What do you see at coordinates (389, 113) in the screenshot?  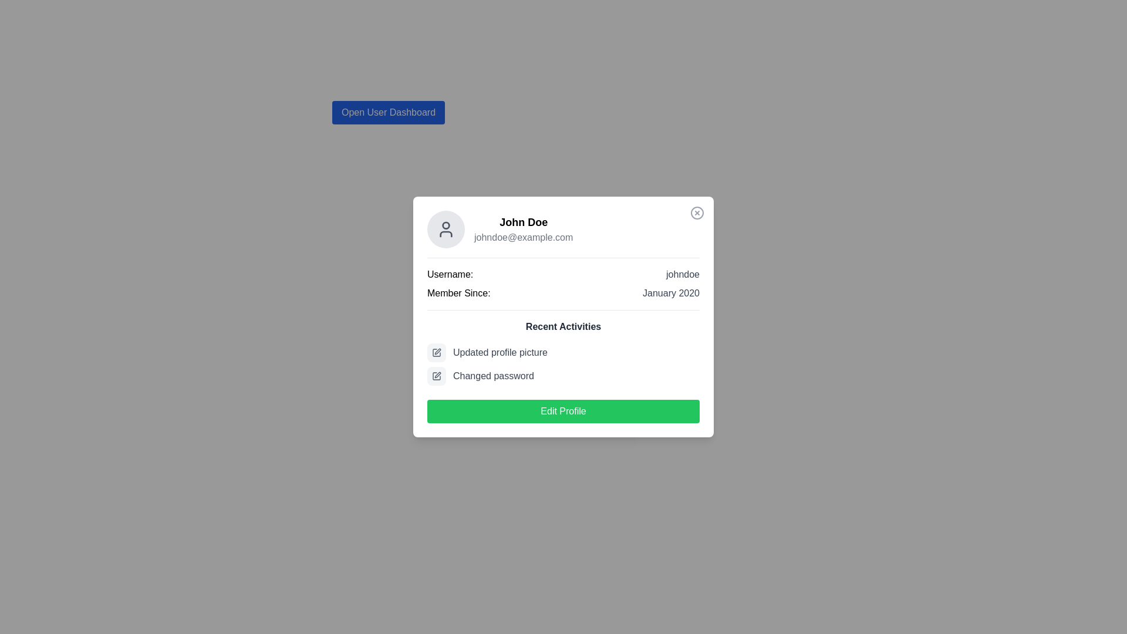 I see `the rectangular button with a blue background and white bold text reading 'Open User Dashboard'` at bounding box center [389, 113].